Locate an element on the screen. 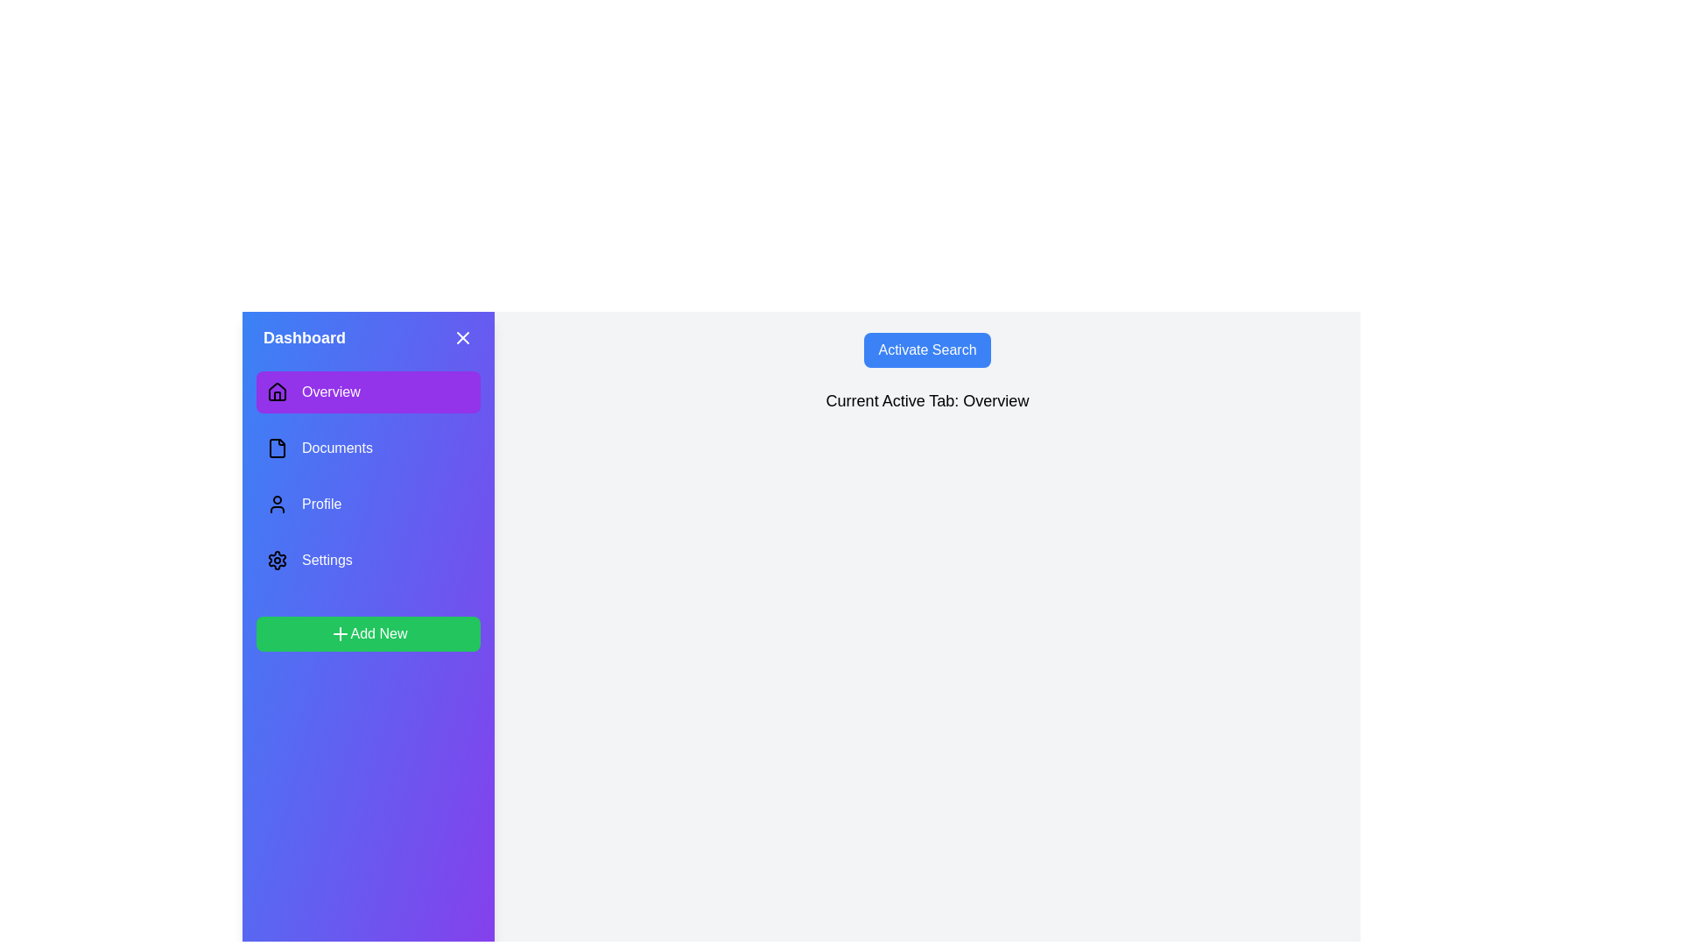  the 'Profile' icon in the sidebar menu, which is located beneath the 'Documents' option and above the 'Settings' option is located at coordinates (276, 504).